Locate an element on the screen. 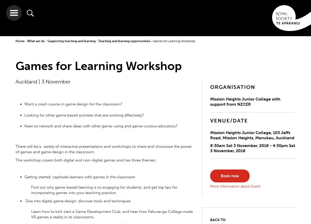  'Back to' is located at coordinates (217, 220).